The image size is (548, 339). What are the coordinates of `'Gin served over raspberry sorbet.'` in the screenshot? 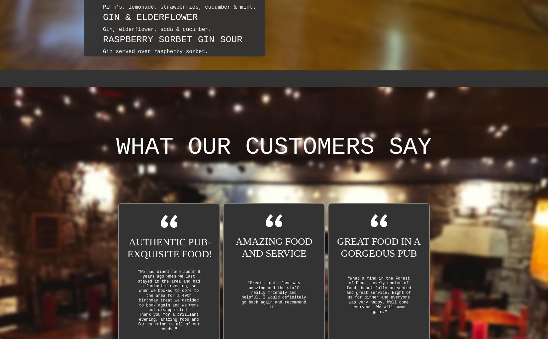 It's located at (155, 52).